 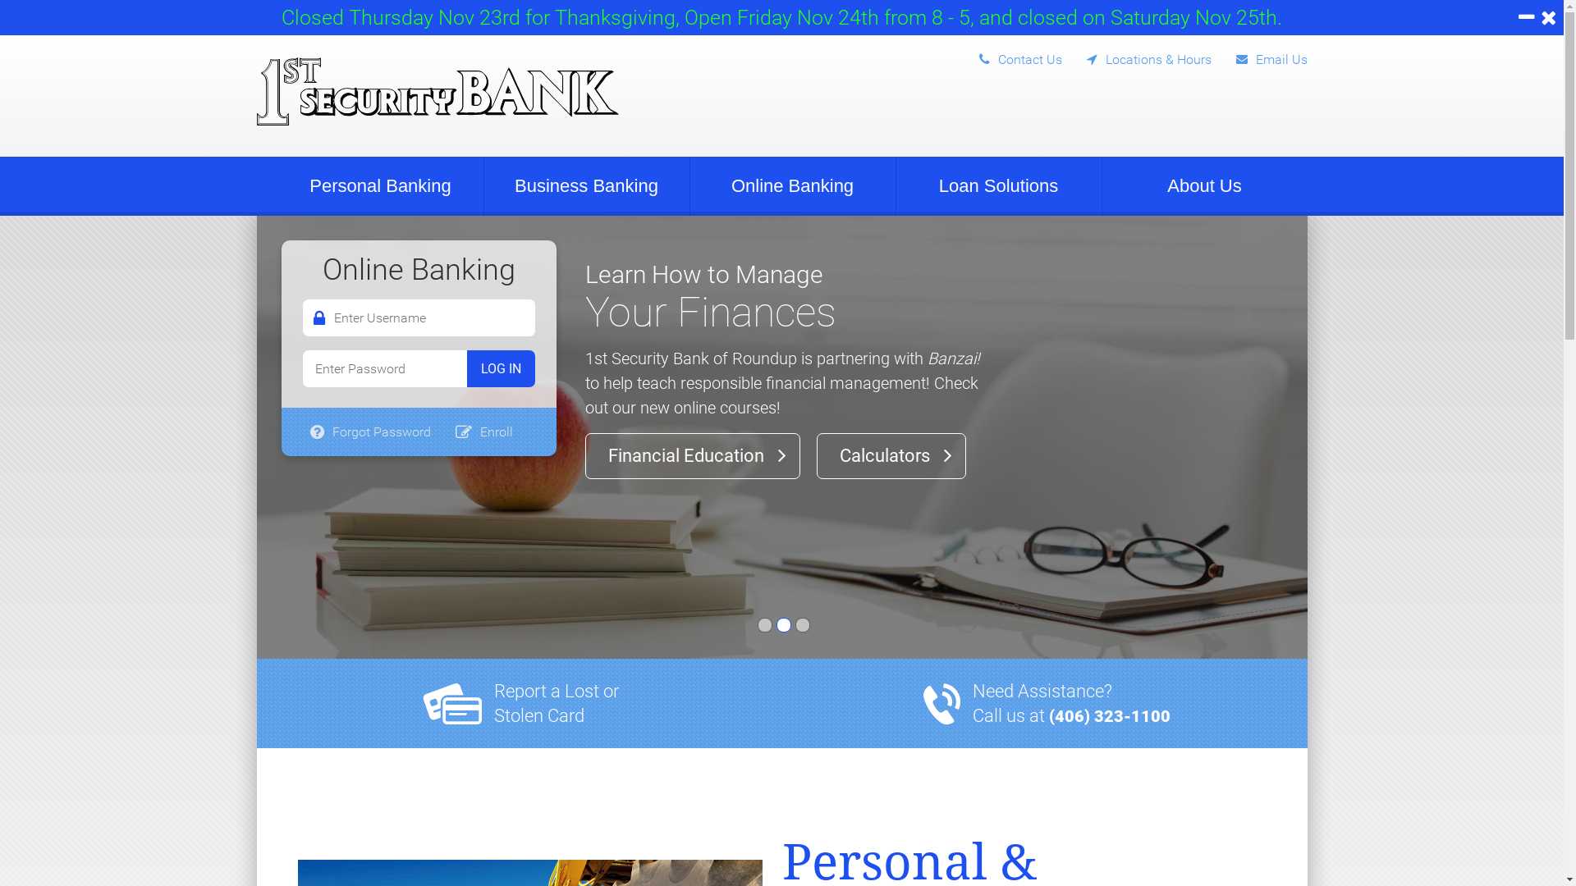 I want to click on 'Log In', so click(x=499, y=368).